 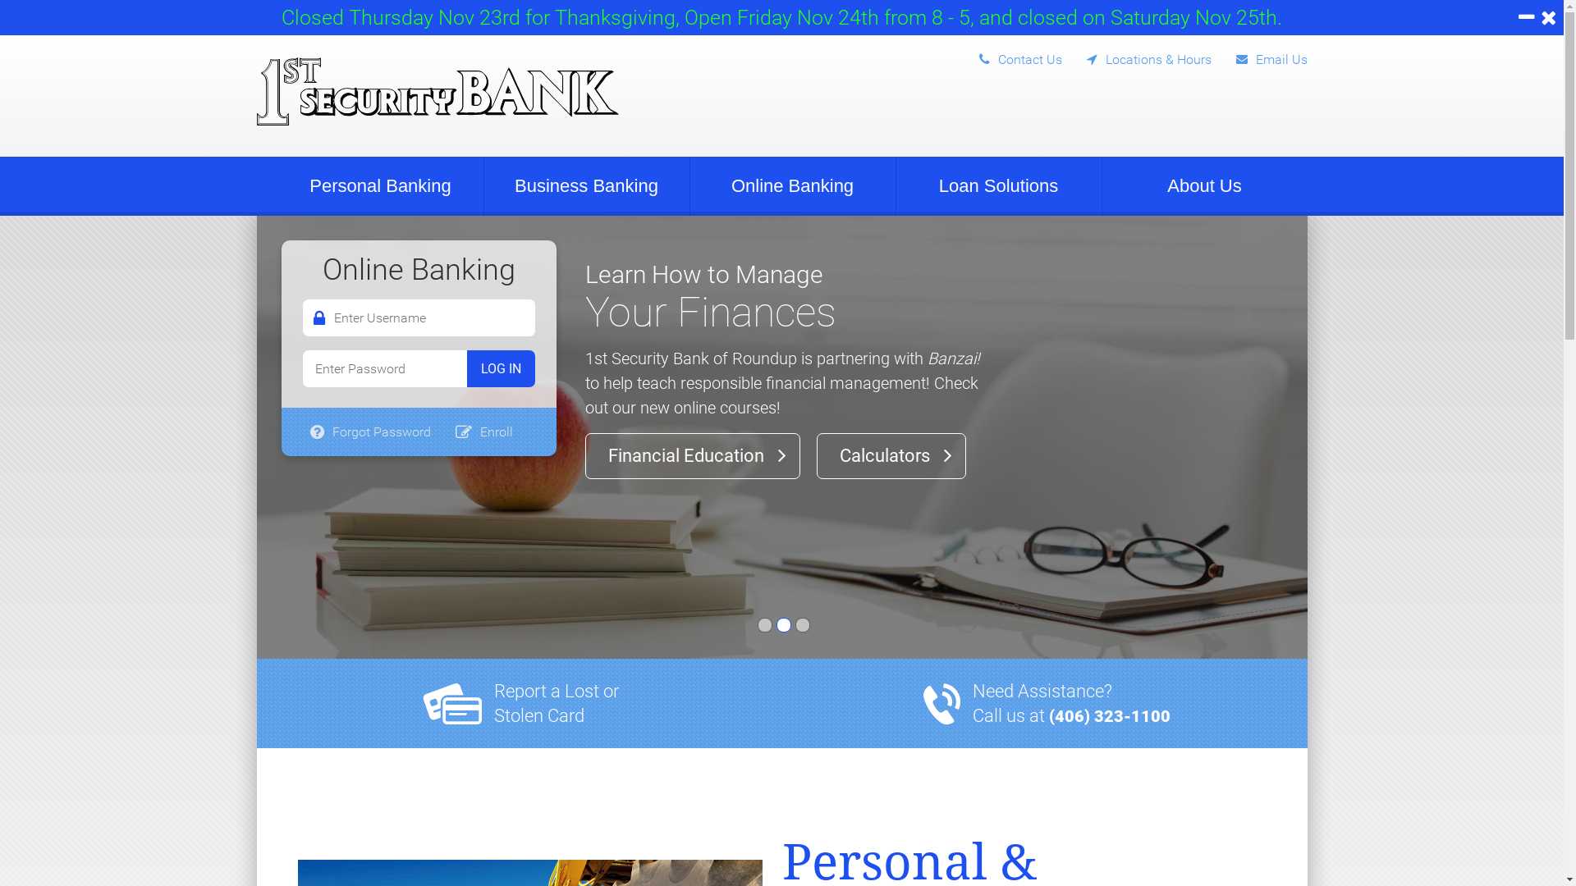 I want to click on 'Log In', so click(x=499, y=368).